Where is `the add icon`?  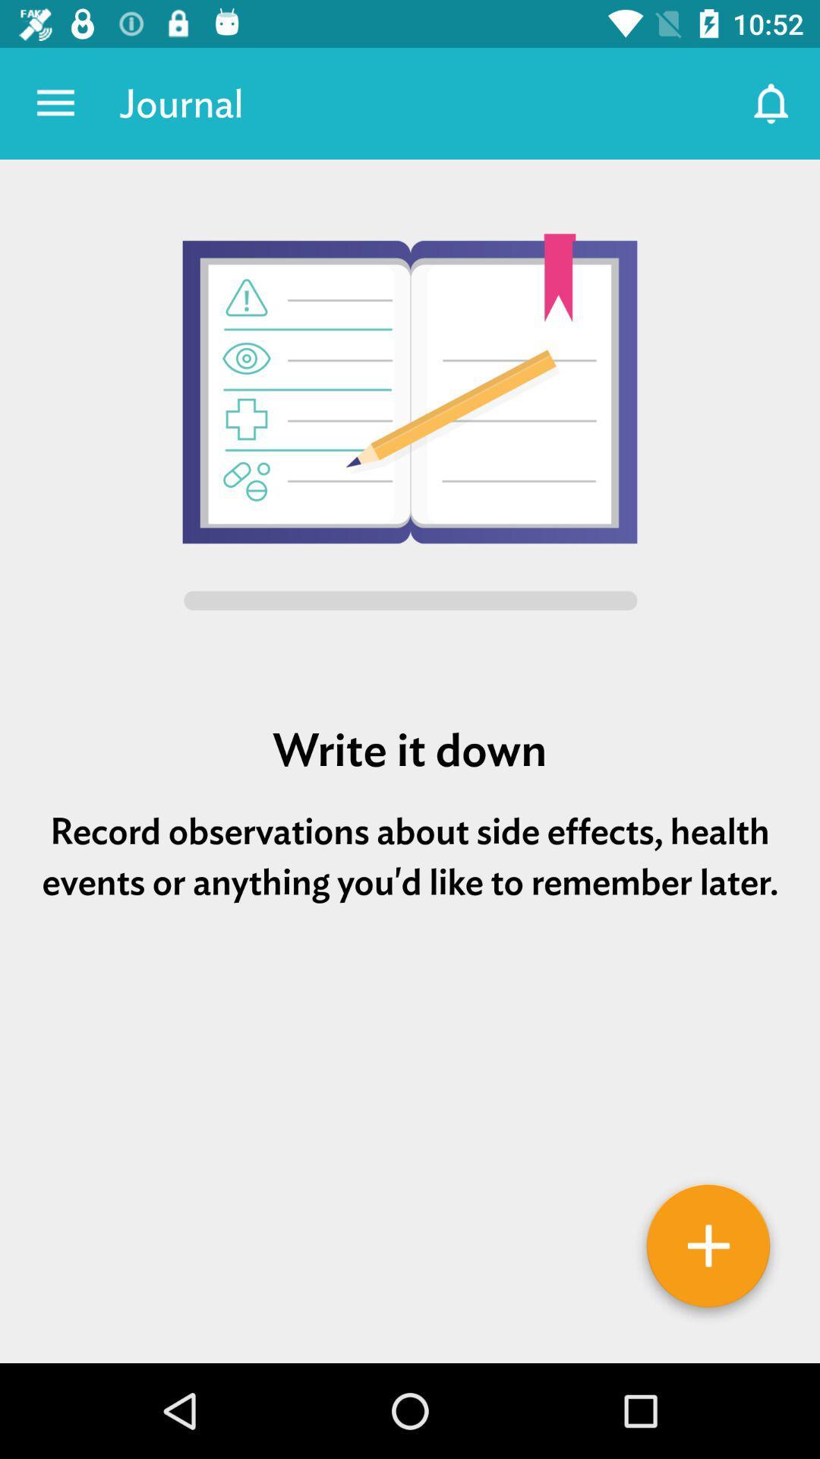
the add icon is located at coordinates (708, 1251).